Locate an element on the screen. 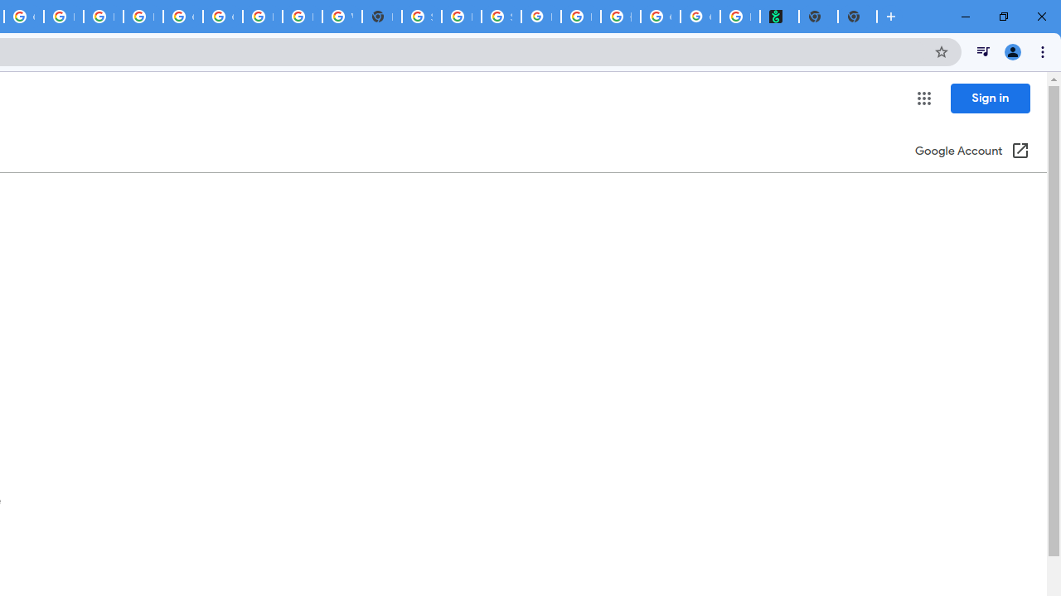  'Google Cloud Platform' is located at coordinates (221, 17).